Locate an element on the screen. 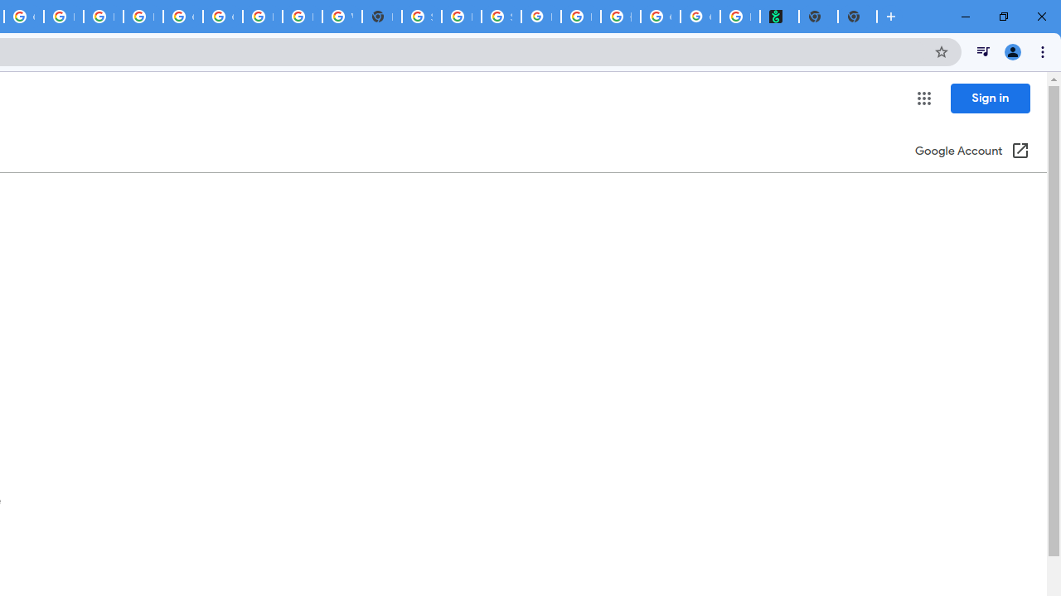  'Google Cloud Platform' is located at coordinates (221, 17).